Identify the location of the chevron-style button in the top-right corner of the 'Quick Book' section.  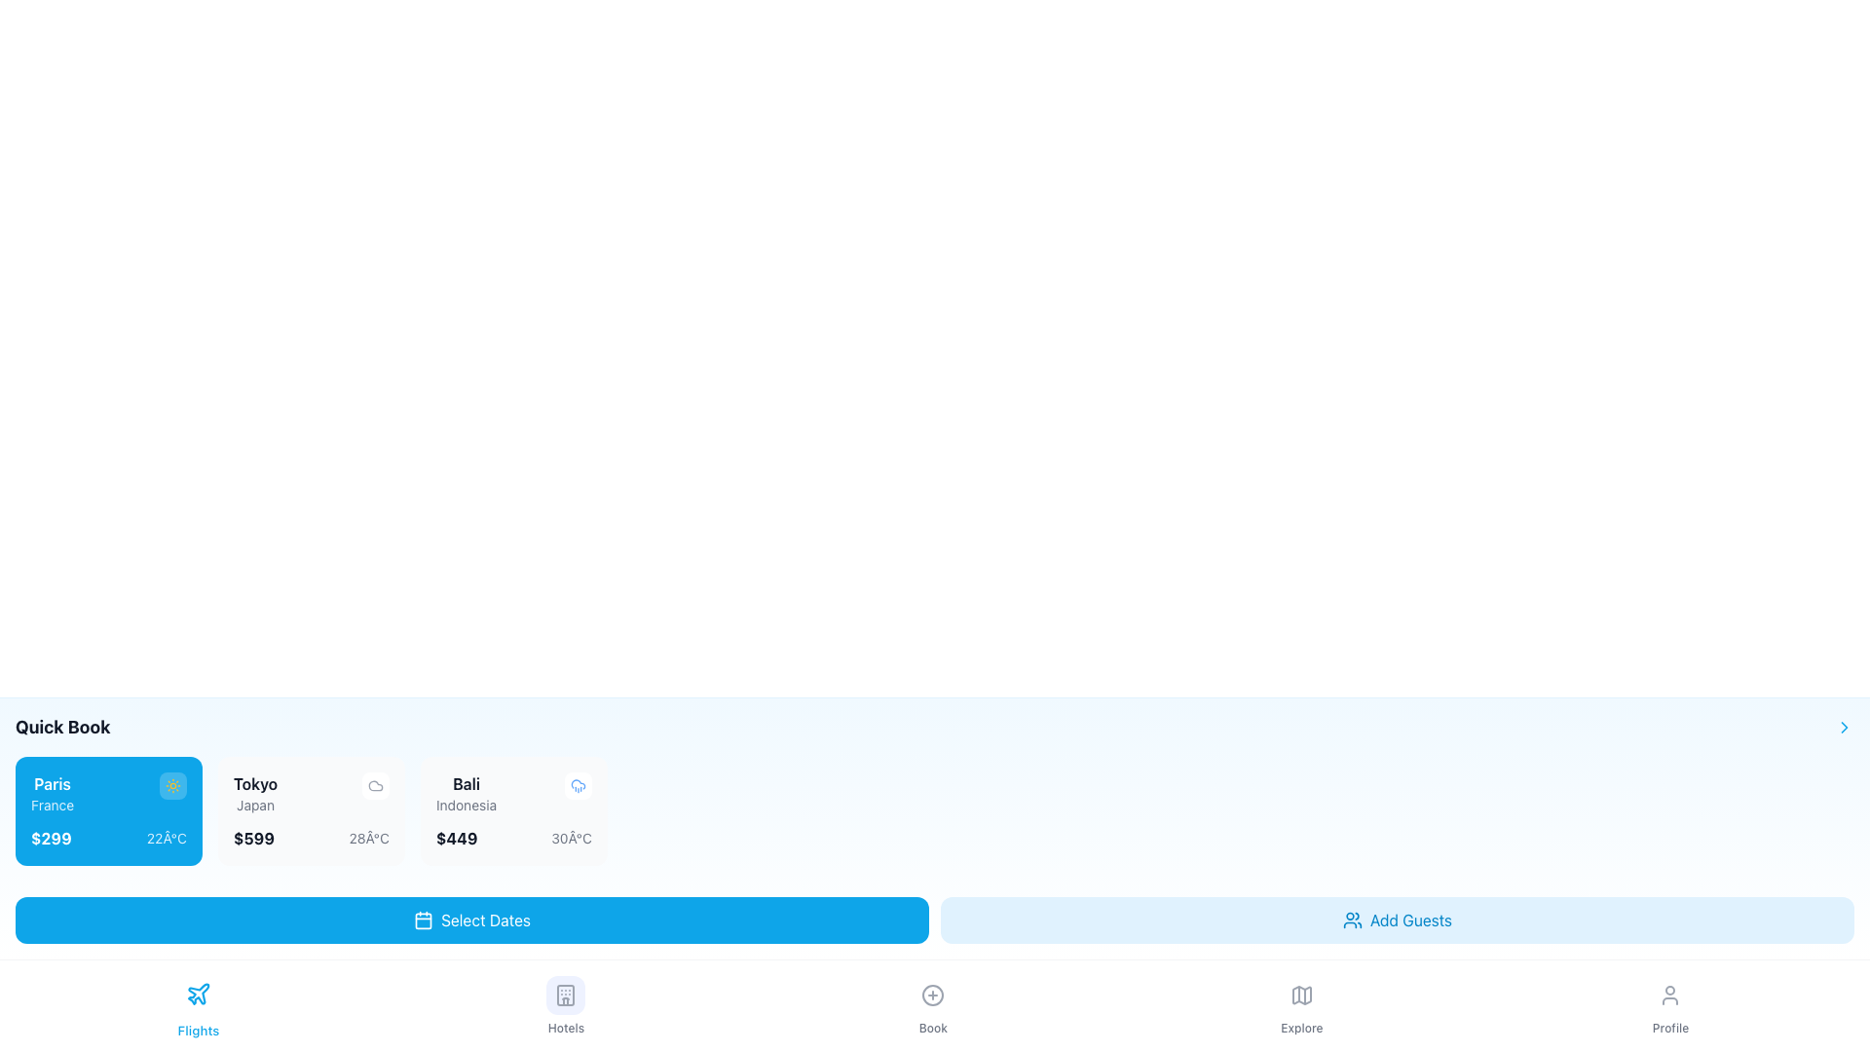
(1844, 728).